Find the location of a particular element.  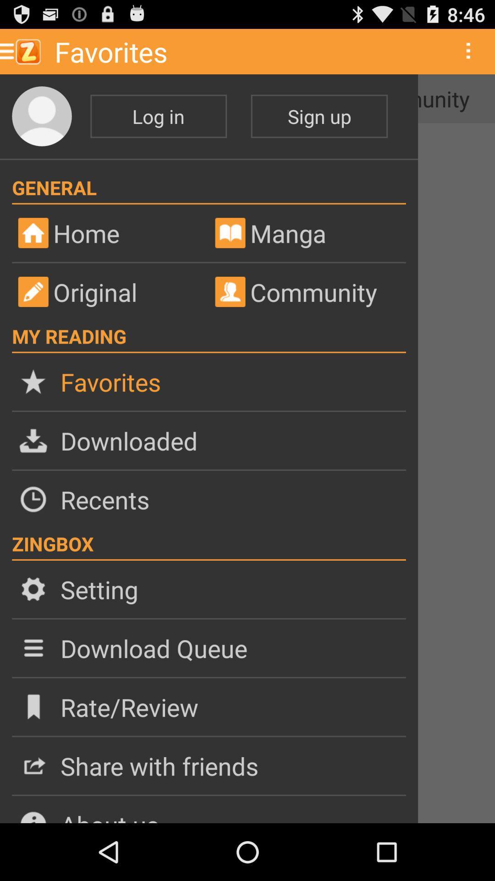

the button which is below the share with friends is located at coordinates (209, 809).